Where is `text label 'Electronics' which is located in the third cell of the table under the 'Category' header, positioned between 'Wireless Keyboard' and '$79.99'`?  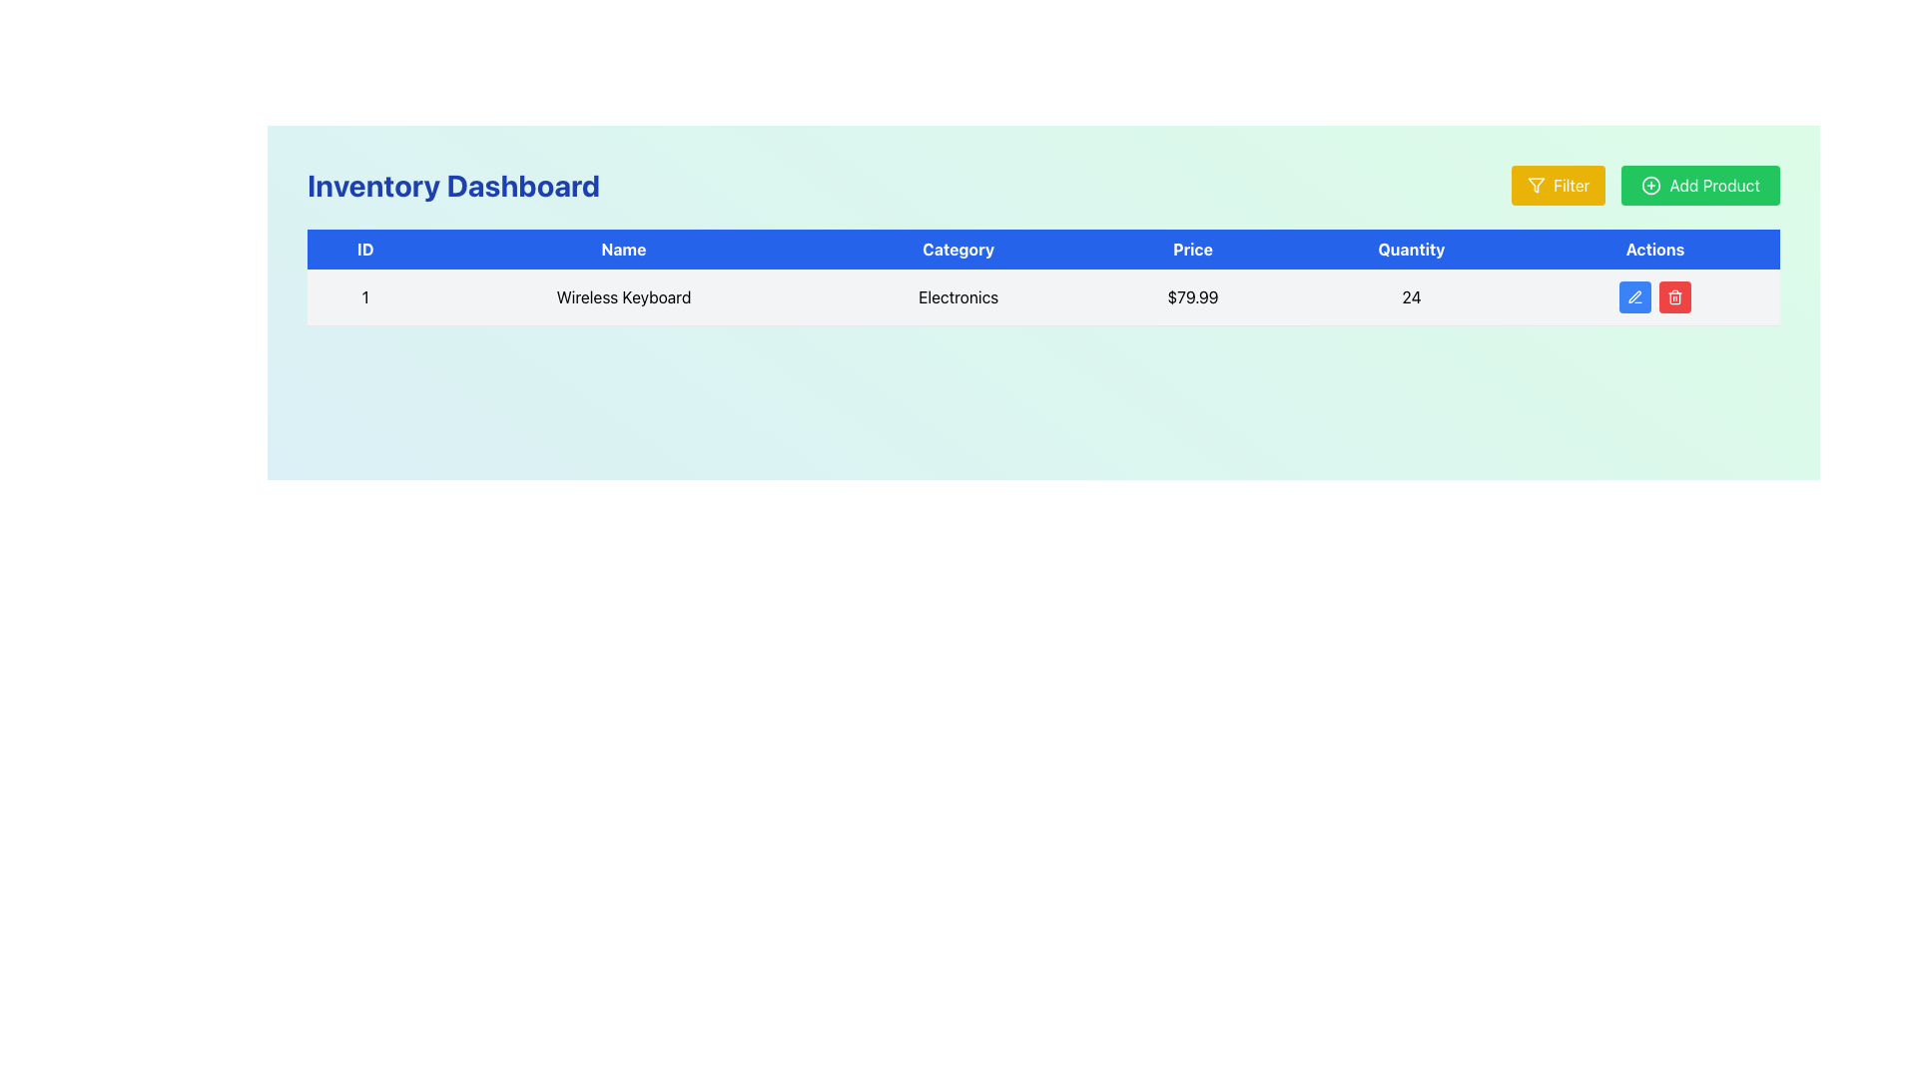
text label 'Electronics' which is located in the third cell of the table under the 'Category' header, positioned between 'Wireless Keyboard' and '$79.99' is located at coordinates (958, 297).